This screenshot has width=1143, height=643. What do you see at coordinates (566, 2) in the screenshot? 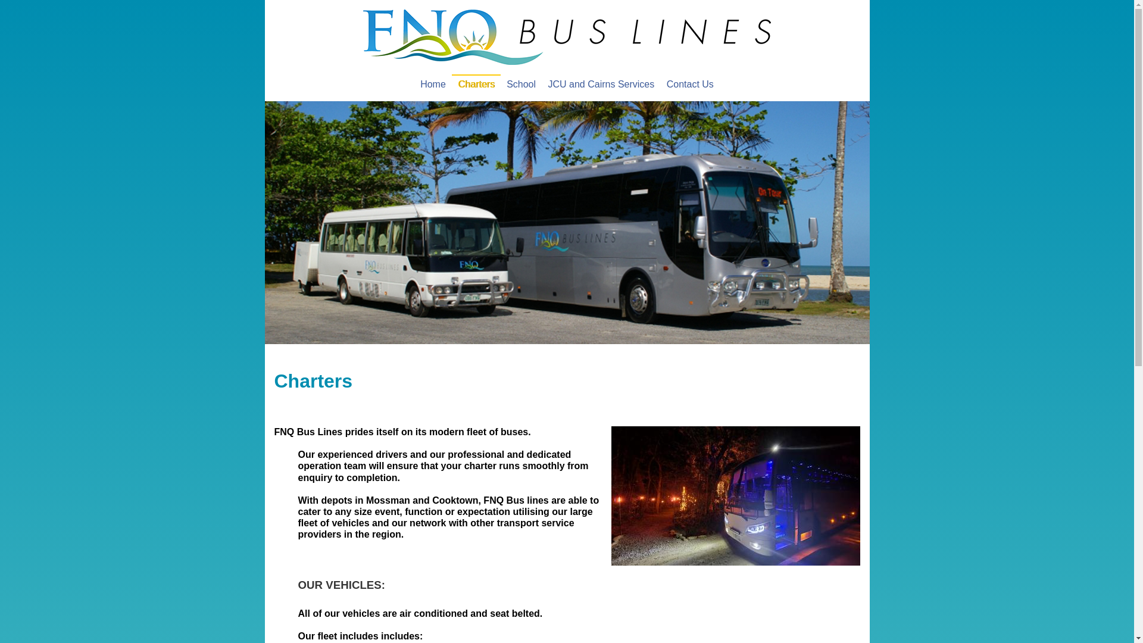
I see `'Jump to navigation'` at bounding box center [566, 2].